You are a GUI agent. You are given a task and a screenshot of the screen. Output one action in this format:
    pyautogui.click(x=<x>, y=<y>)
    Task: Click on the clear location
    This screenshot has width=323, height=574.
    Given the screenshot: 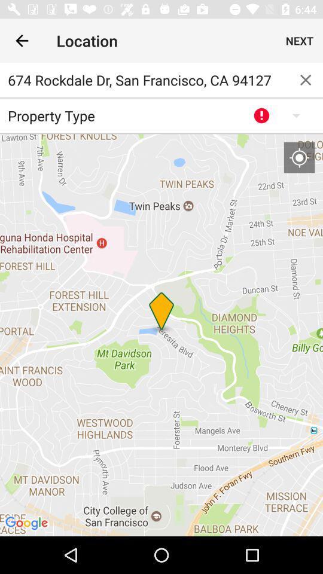 What is the action you would take?
    pyautogui.click(x=306, y=79)
    